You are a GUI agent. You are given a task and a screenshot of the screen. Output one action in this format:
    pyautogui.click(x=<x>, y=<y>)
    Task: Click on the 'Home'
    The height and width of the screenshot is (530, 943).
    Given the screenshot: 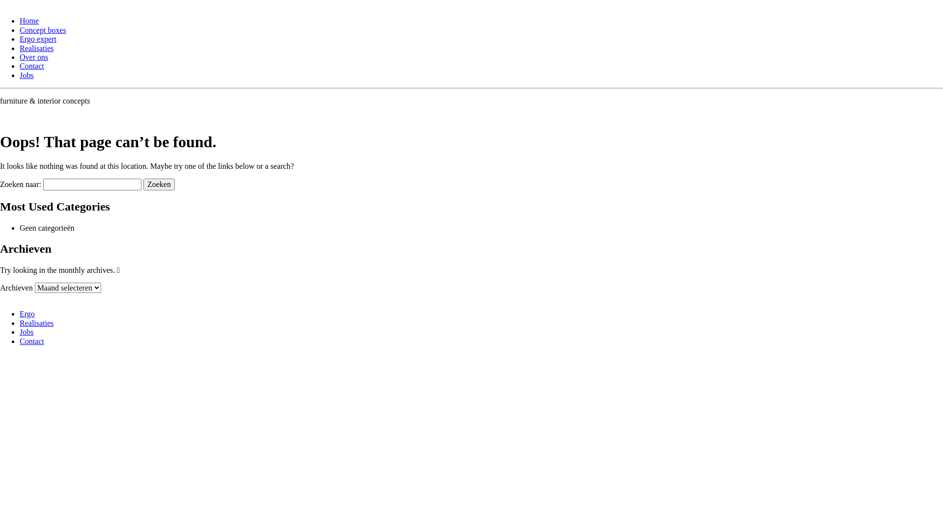 What is the action you would take?
    pyautogui.click(x=29, y=21)
    